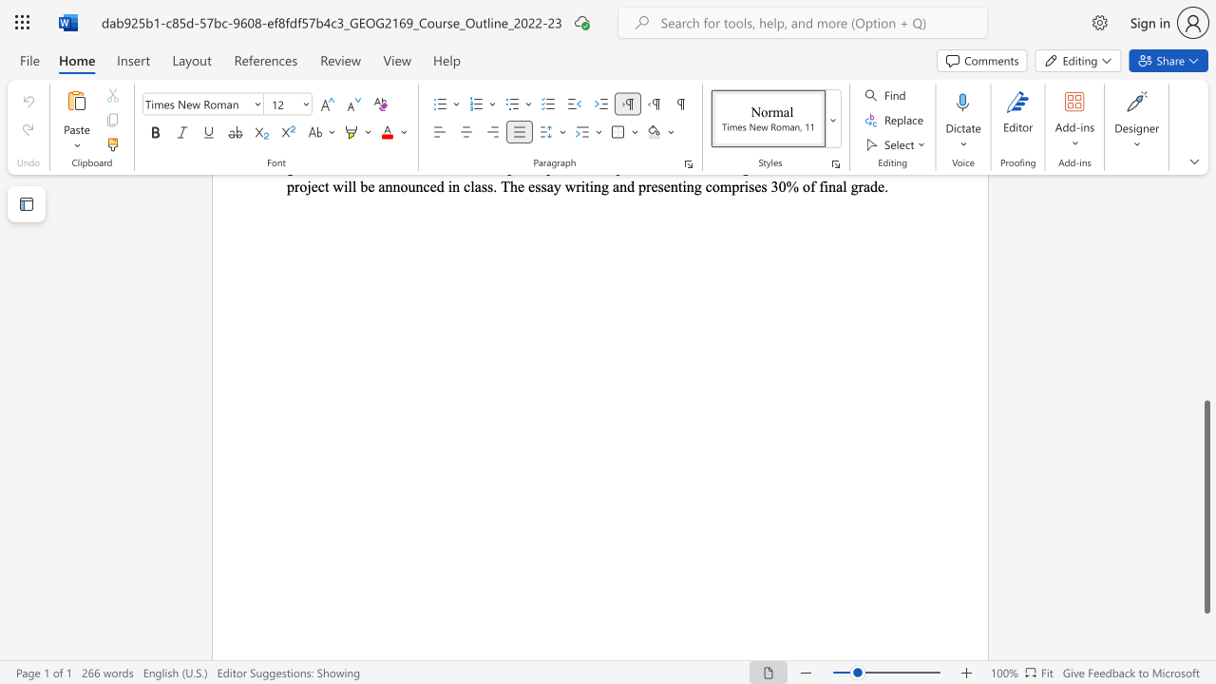  I want to click on the scrollbar to move the content higher, so click(1206, 226).